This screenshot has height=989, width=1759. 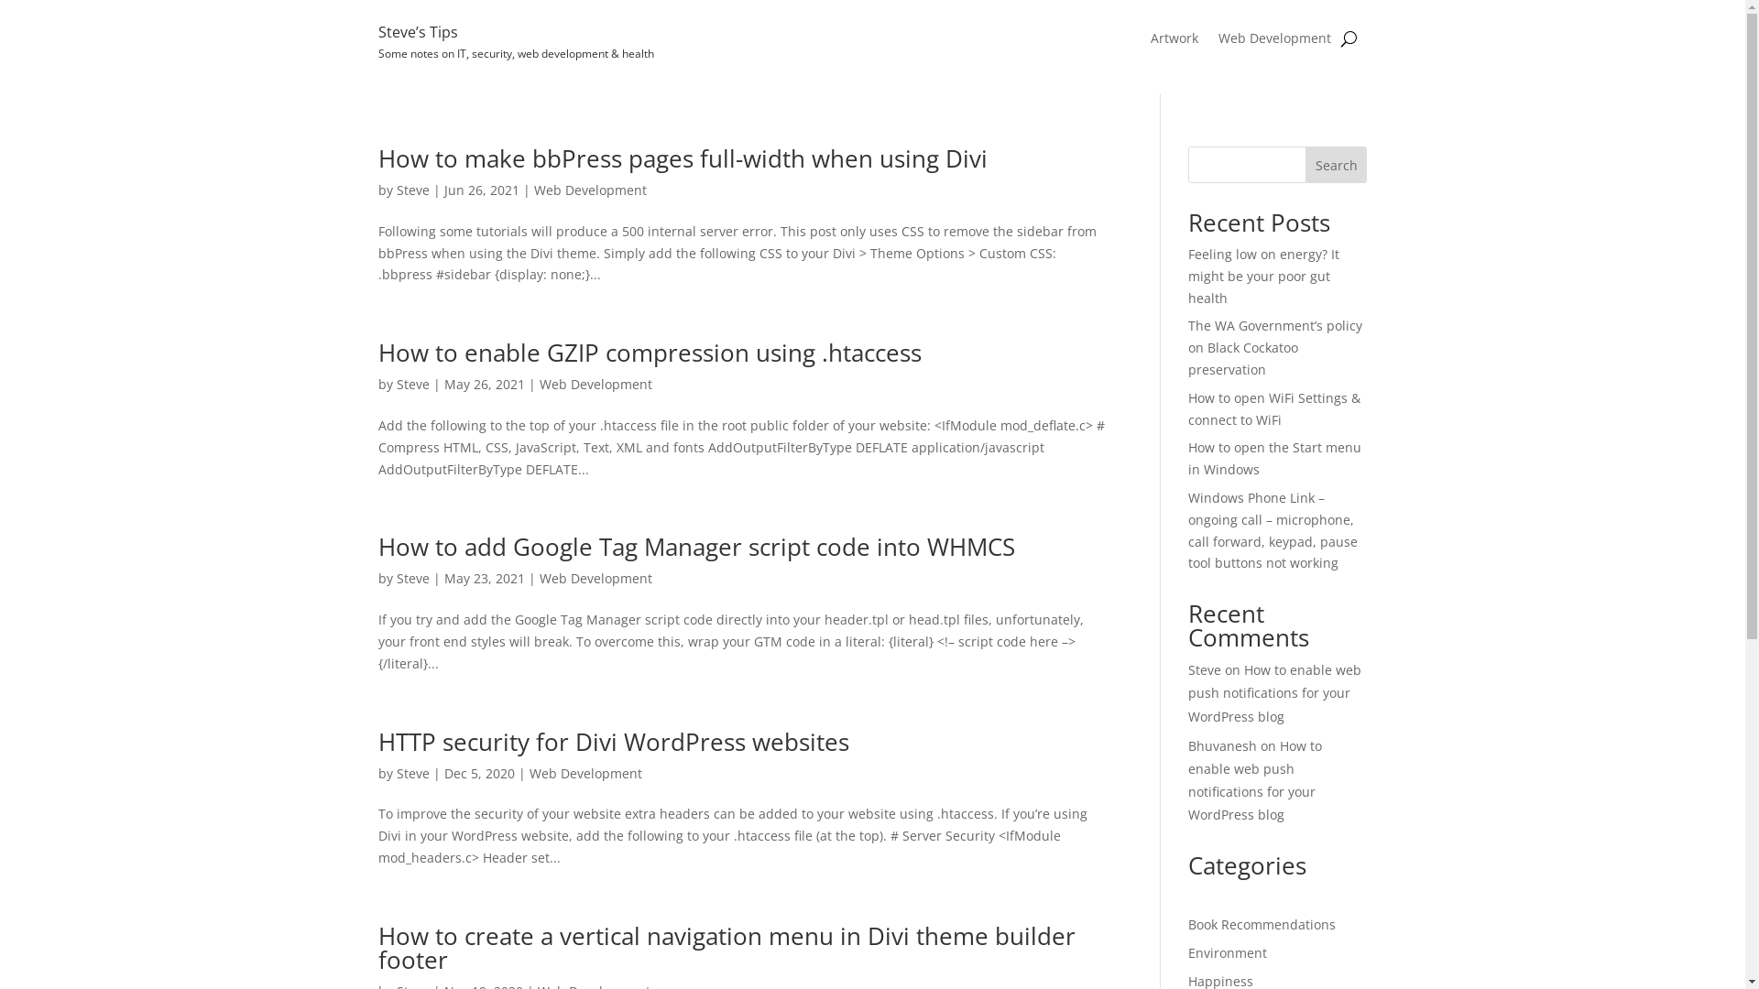 I want to click on 'How to open the Start menu in Windows', so click(x=1273, y=457).